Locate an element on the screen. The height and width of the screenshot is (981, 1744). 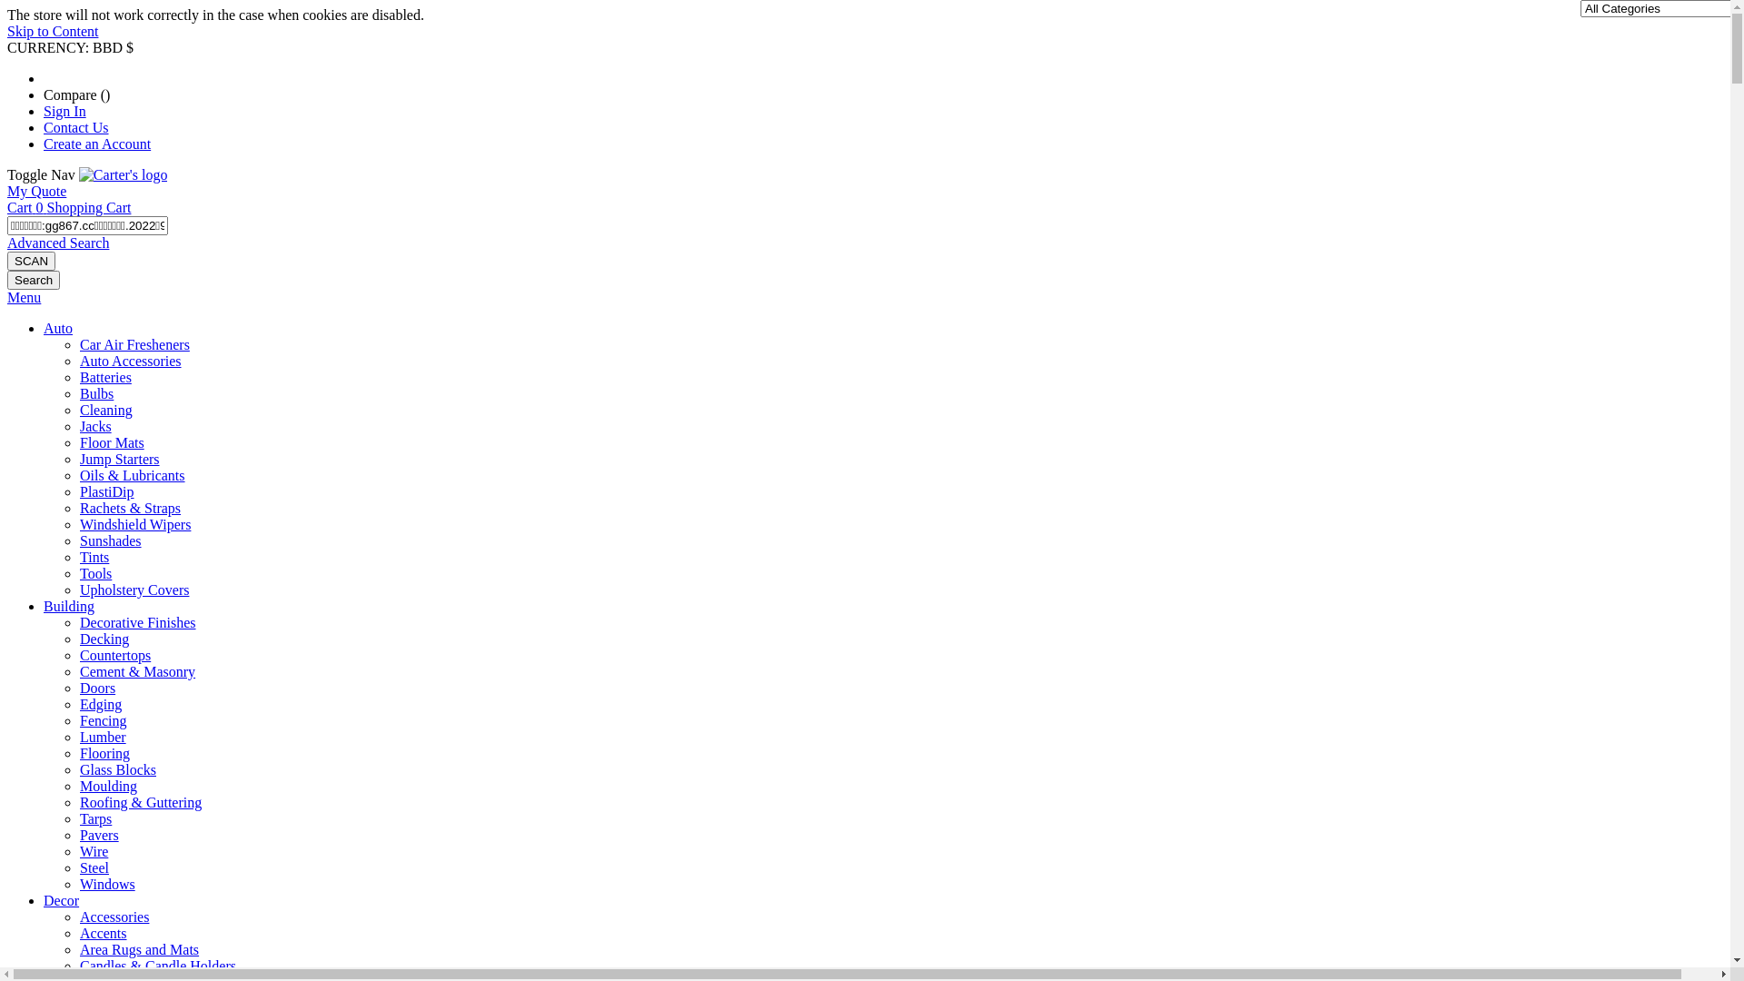
'Shopping Cart' is located at coordinates (47, 206).